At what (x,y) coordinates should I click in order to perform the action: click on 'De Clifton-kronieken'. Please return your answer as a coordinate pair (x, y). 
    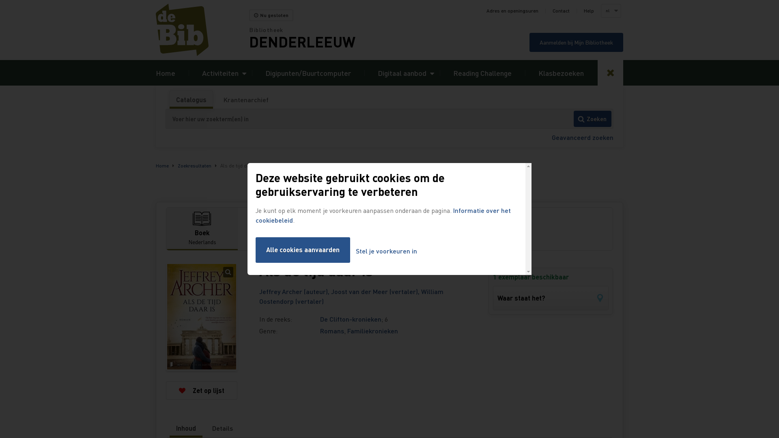
    Looking at the image, I should click on (351, 318).